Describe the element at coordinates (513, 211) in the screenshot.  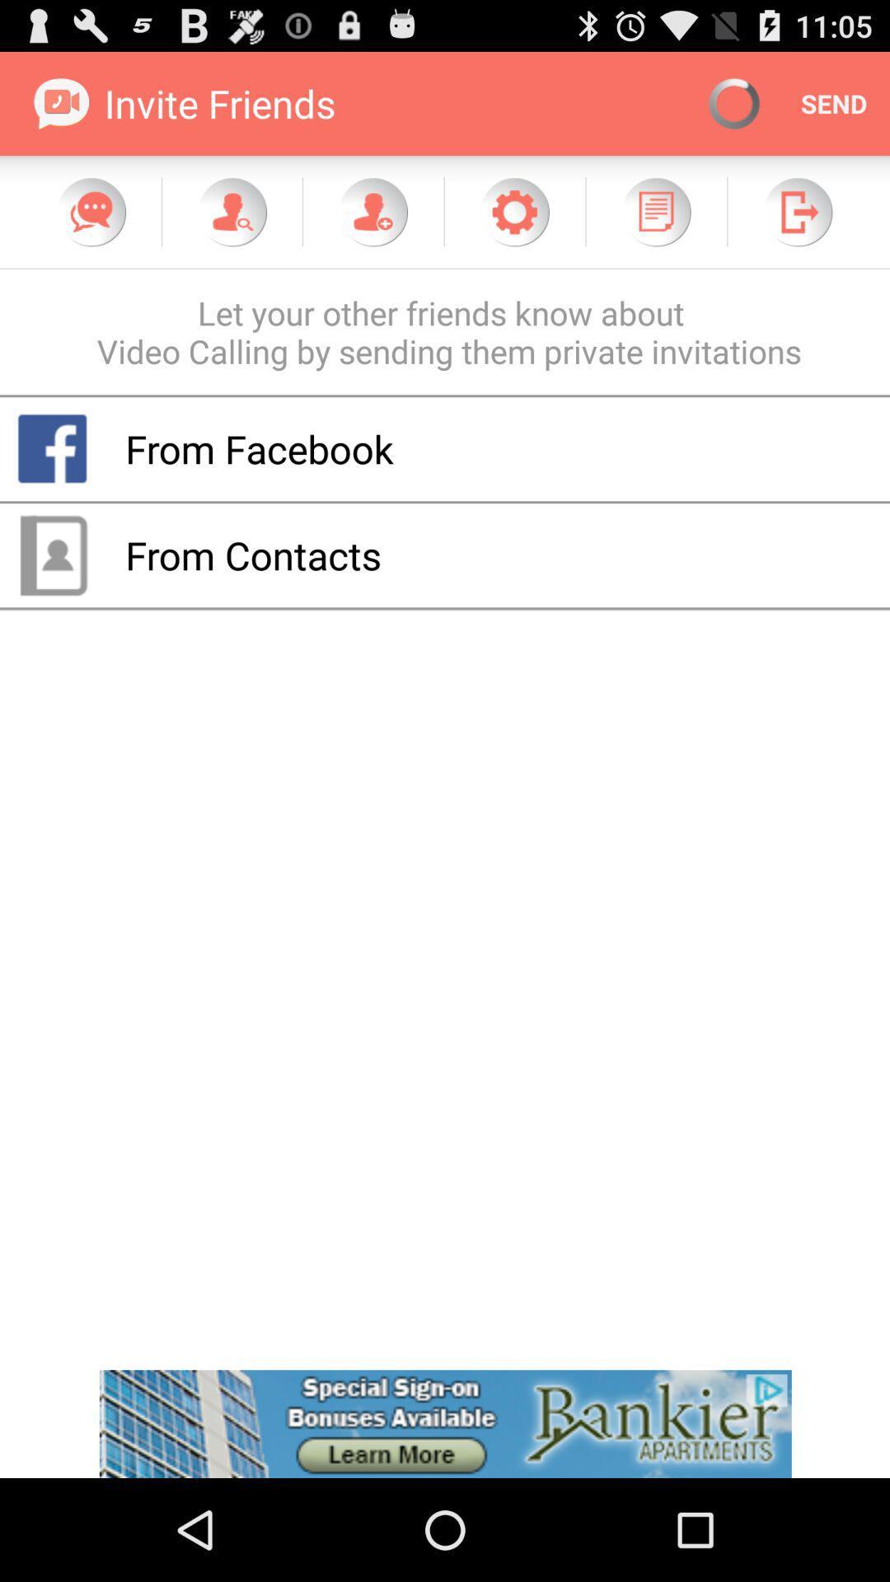
I see `settings optin` at that location.